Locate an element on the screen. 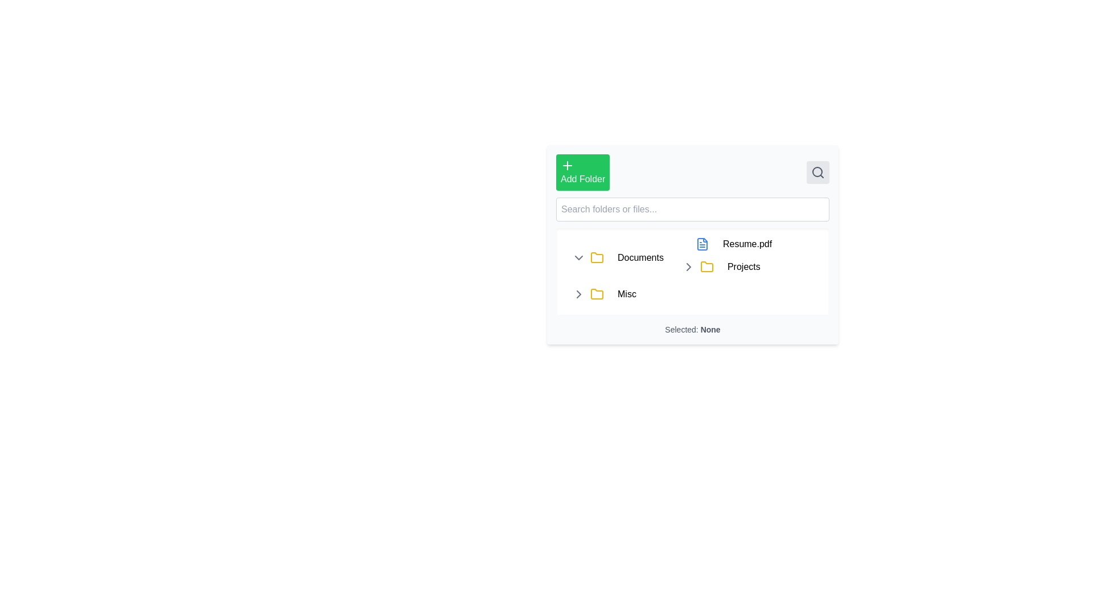  the folder button located centrally in the hierarchical list of items is located at coordinates (640, 257).